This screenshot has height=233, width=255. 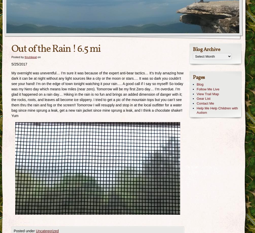 What do you see at coordinates (196, 84) in the screenshot?
I see `'Blog'` at bounding box center [196, 84].